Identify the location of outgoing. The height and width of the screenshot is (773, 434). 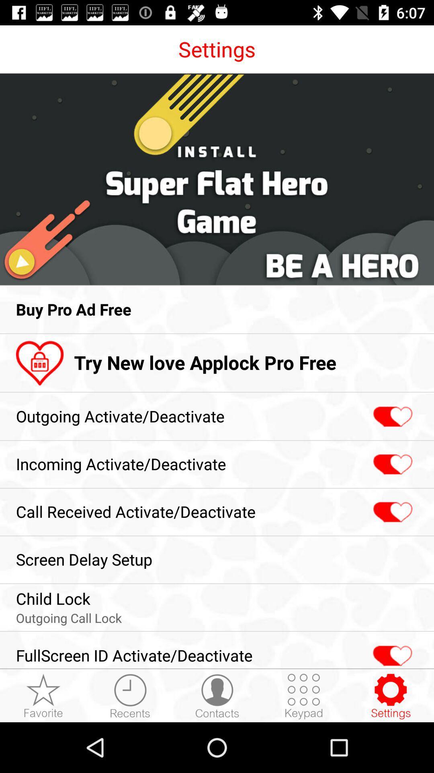
(391, 417).